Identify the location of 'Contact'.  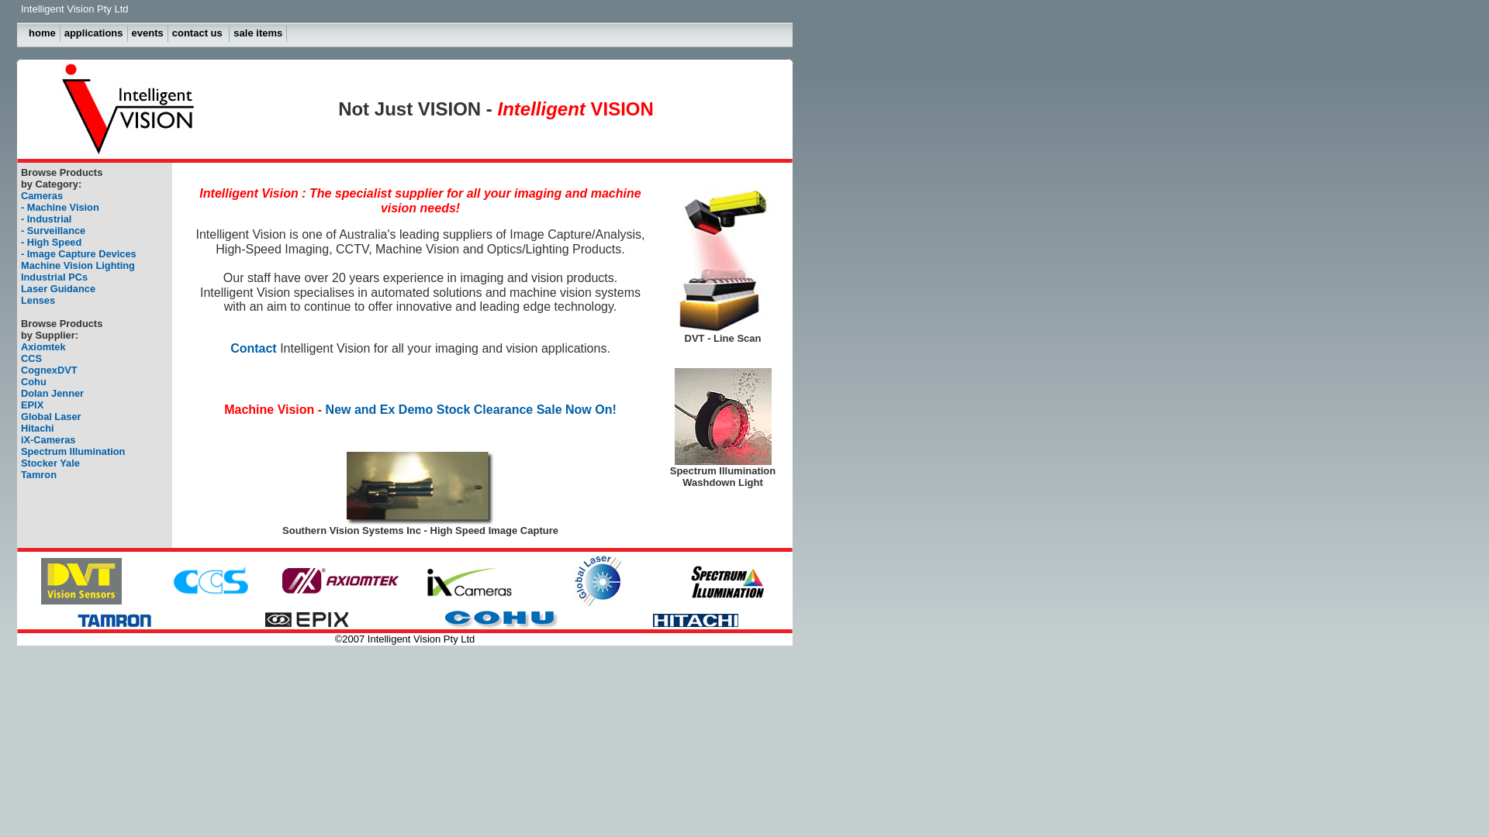
(324, 356).